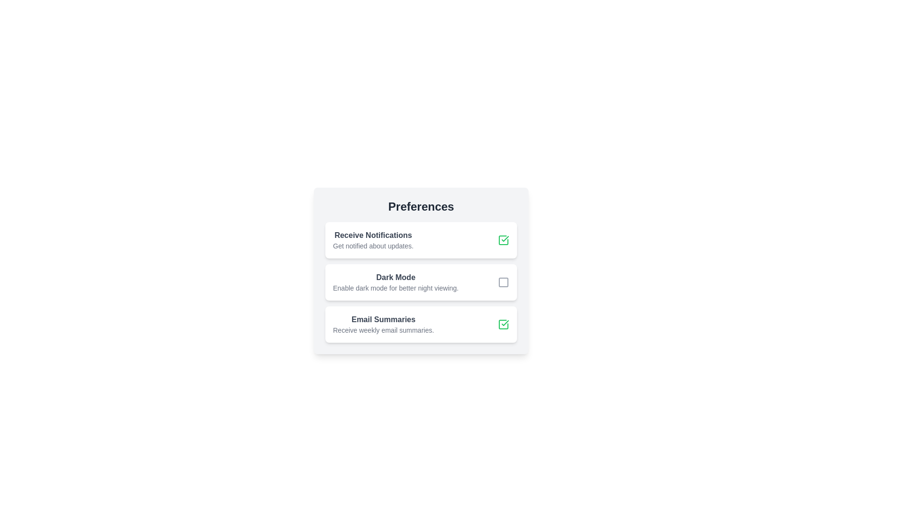 Image resolution: width=920 pixels, height=517 pixels. Describe the element at coordinates (373, 245) in the screenshot. I see `the static text label that reads 'Get notified about updates.' which is styled in a small font and muted gray color, located beneath the heading 'Receive Notifications.'` at that location.